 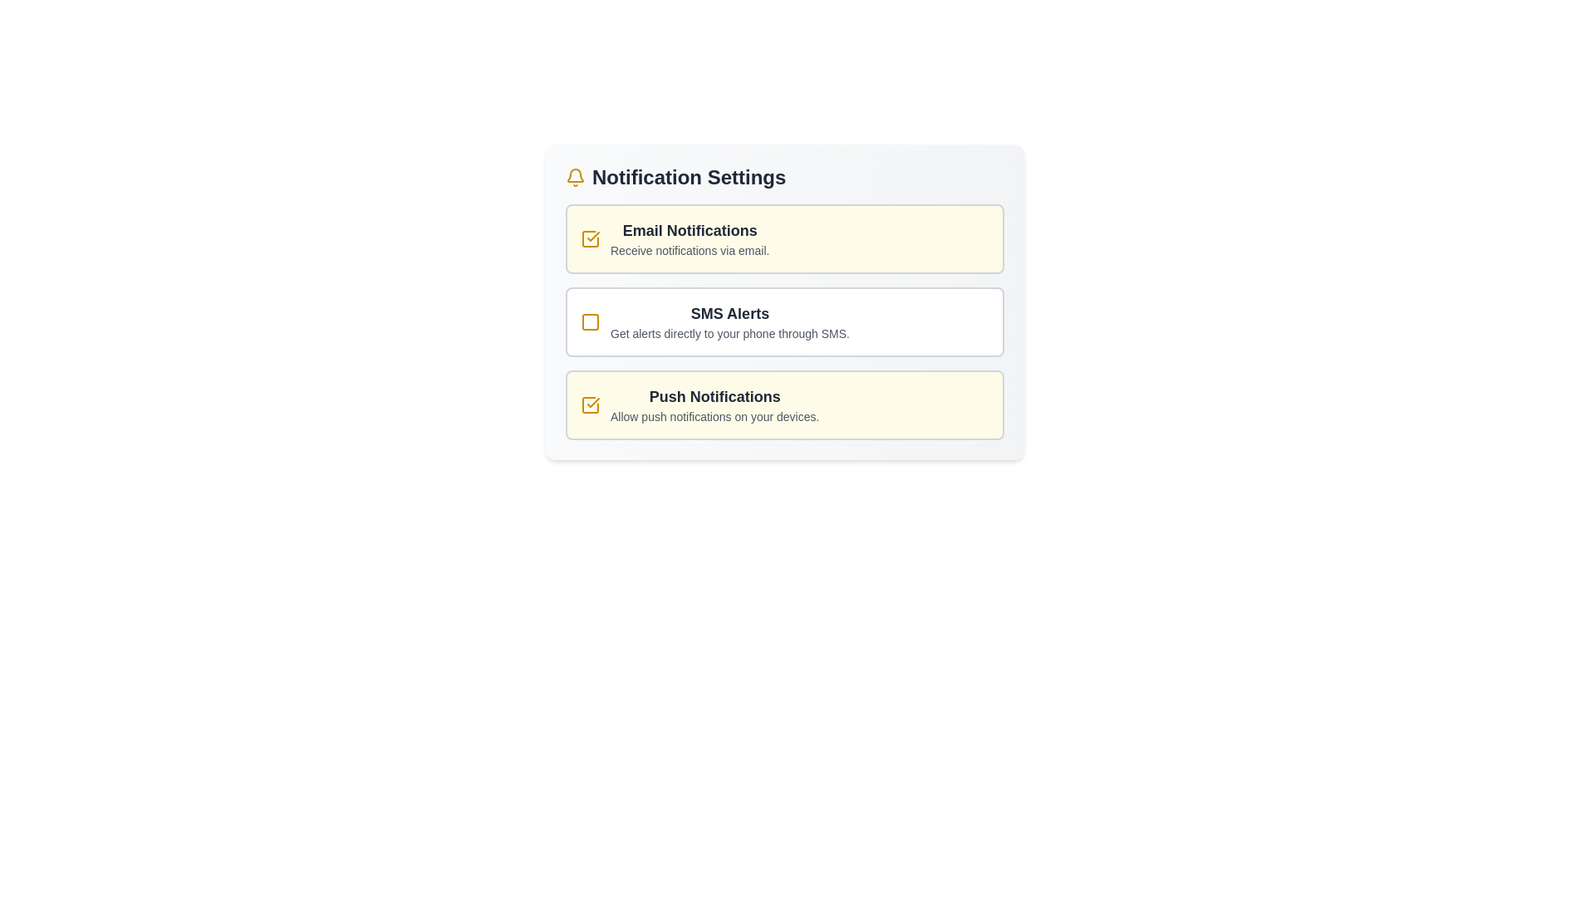 What do you see at coordinates (590, 322) in the screenshot?
I see `the appearance of the small hollow square icon with a yellow outline located to the left of the 'SMS Alerts' heading text` at bounding box center [590, 322].